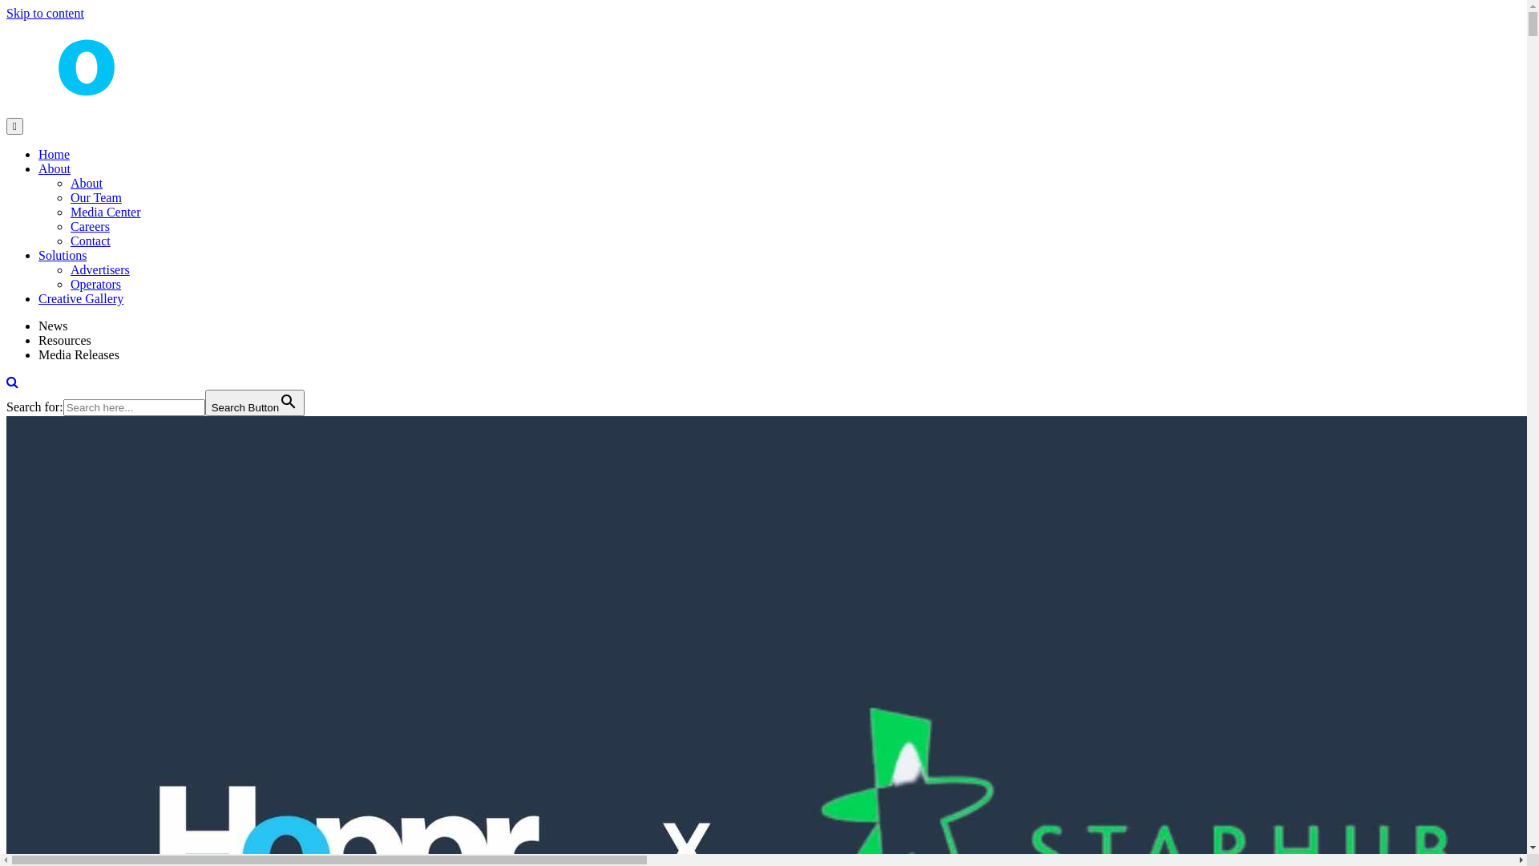 The height and width of the screenshot is (866, 1539). Describe the element at coordinates (89, 226) in the screenshot. I see `'Careers'` at that location.